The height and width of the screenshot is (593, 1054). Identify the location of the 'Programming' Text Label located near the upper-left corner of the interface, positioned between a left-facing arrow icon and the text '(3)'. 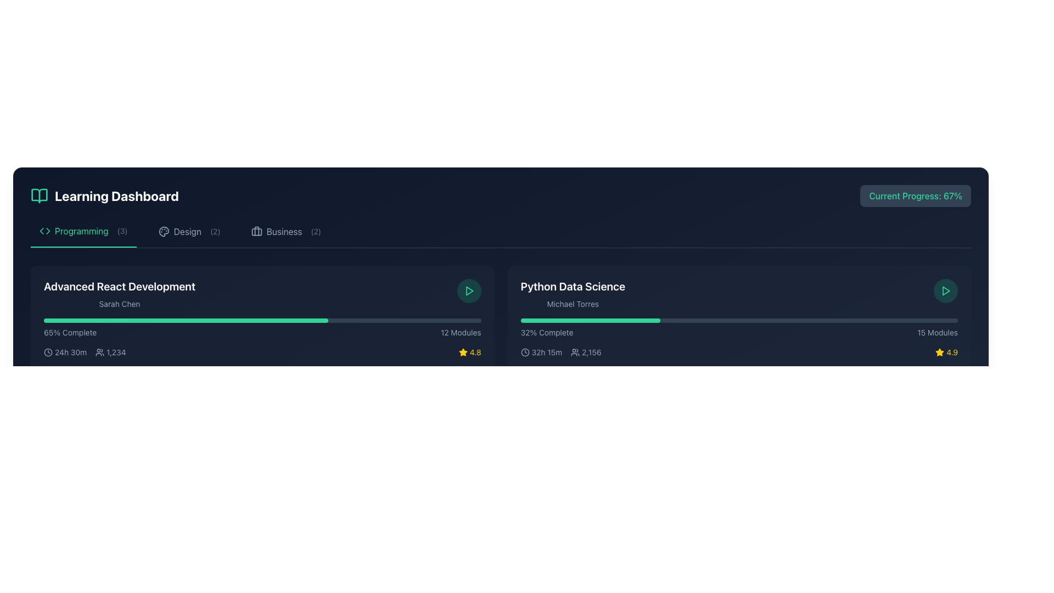
(81, 230).